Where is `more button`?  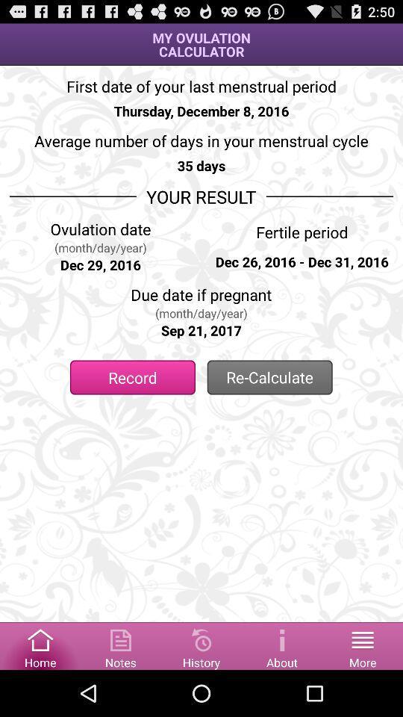 more button is located at coordinates (362, 645).